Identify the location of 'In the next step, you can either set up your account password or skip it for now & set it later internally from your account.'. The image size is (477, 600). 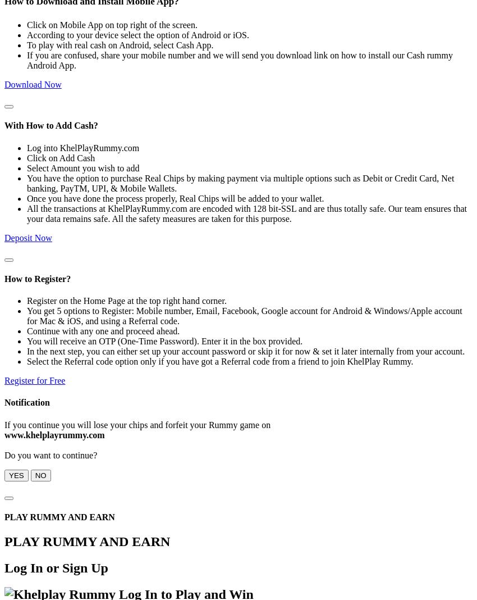
(245, 351).